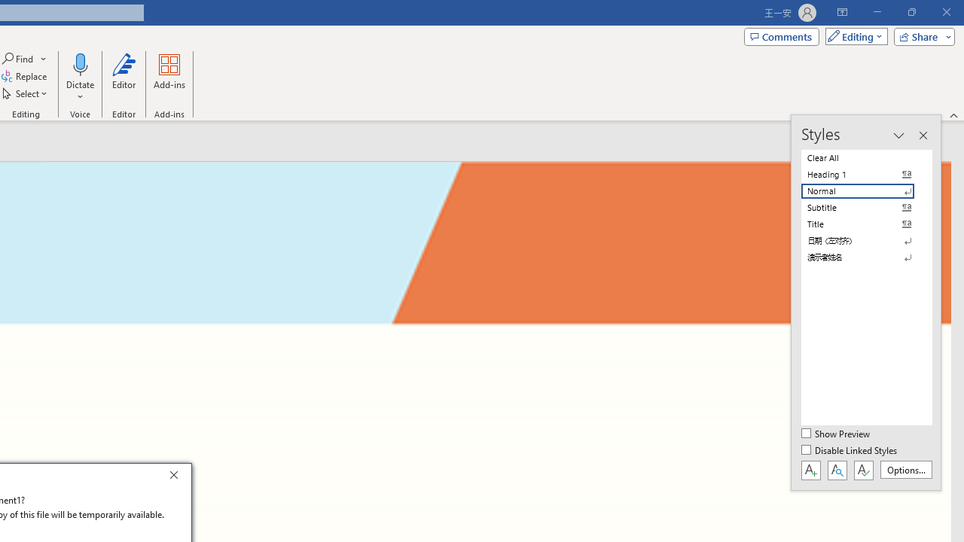 The width and height of the screenshot is (964, 542). What do you see at coordinates (124, 78) in the screenshot?
I see `'Editor'` at bounding box center [124, 78].